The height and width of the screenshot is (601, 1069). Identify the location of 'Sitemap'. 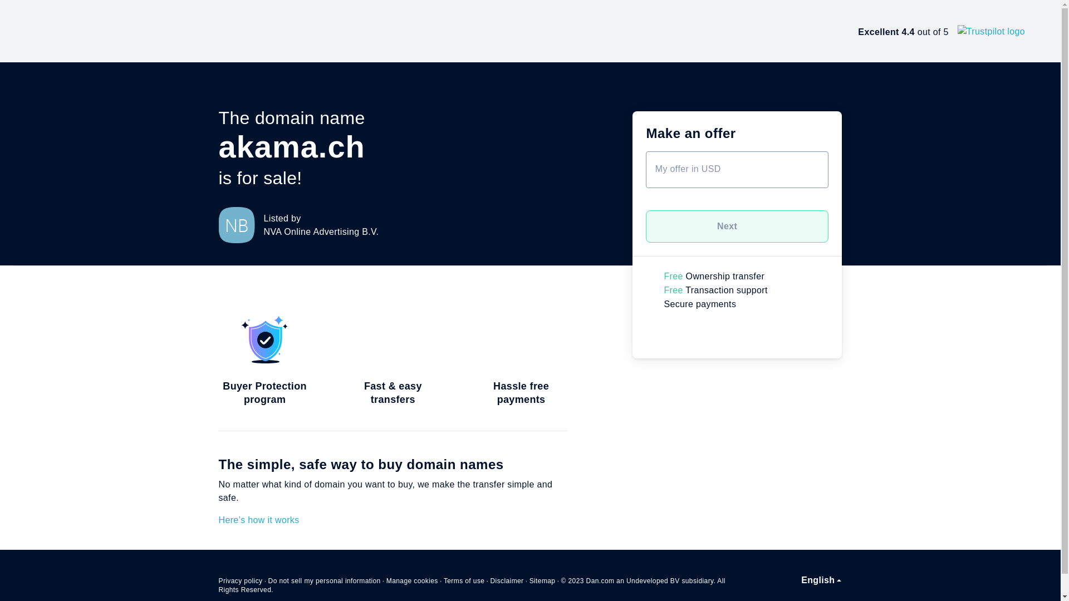
(542, 580).